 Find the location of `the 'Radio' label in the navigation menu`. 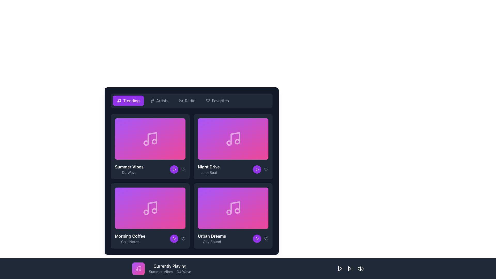

the 'Radio' label in the navigation menu is located at coordinates (190, 100).